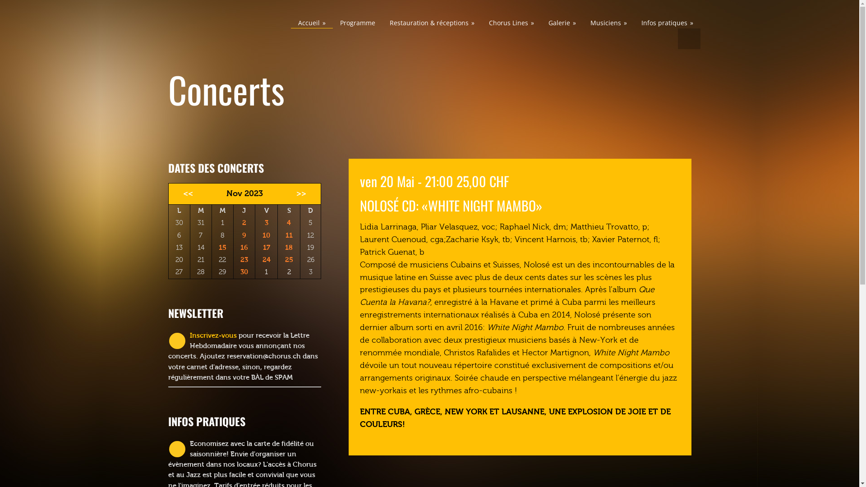 Image resolution: width=866 pixels, height=487 pixels. What do you see at coordinates (304, 193) in the screenshot?
I see `'>>'` at bounding box center [304, 193].